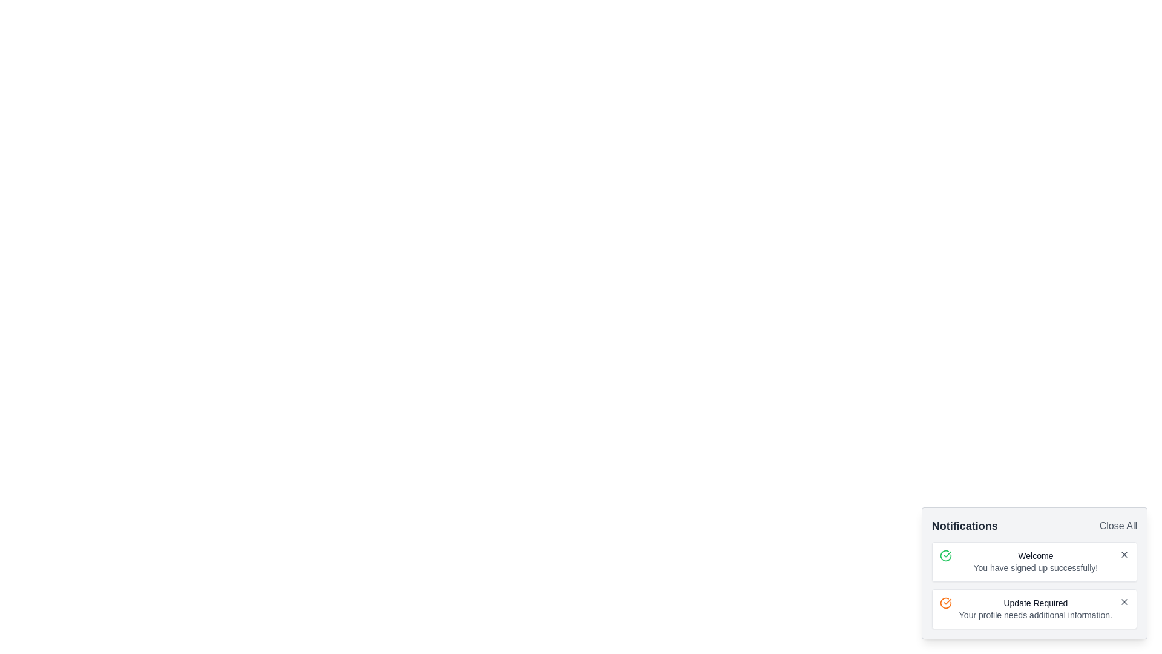  What do you see at coordinates (1117, 525) in the screenshot?
I see `the 'Close All' button in the upper-right corner of the notification card` at bounding box center [1117, 525].